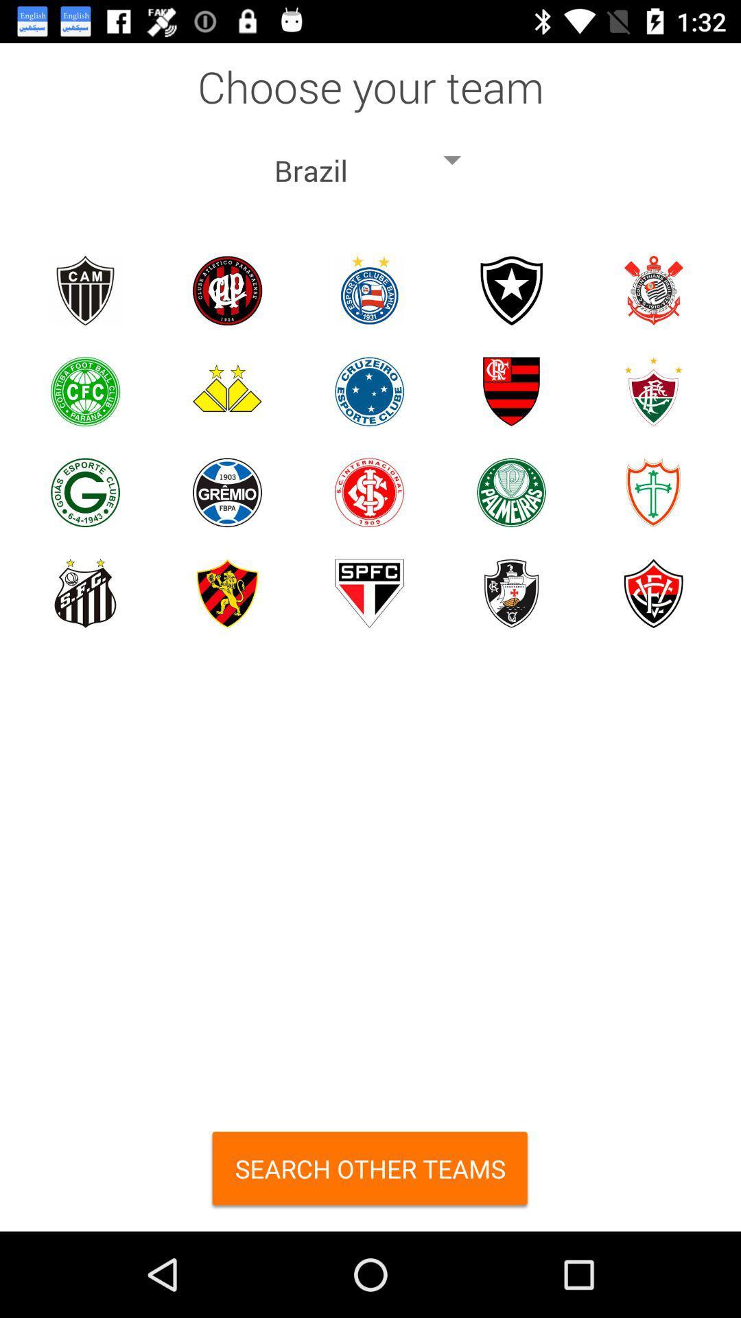 This screenshot has height=1318, width=741. Describe the element at coordinates (652, 593) in the screenshot. I see `the fourth row last logo` at that location.